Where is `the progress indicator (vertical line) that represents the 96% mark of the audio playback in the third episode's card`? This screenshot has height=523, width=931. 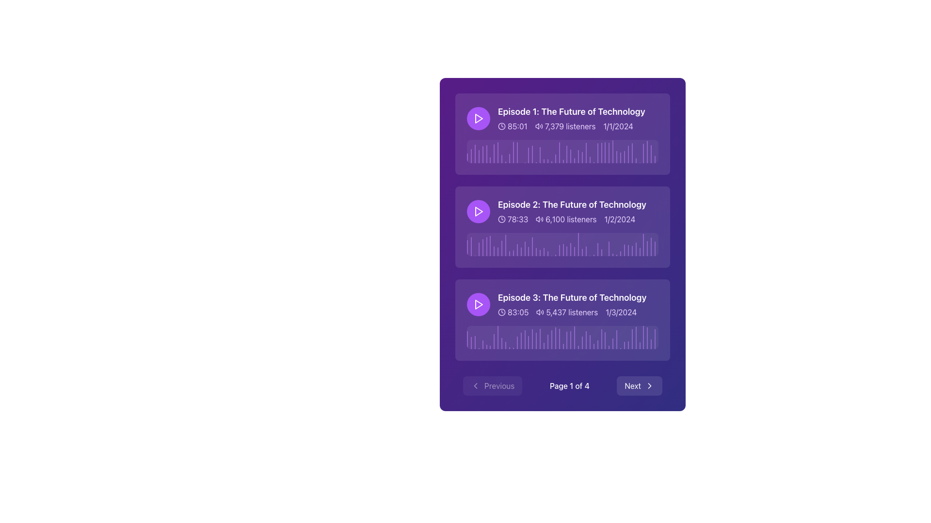
the progress indicator (vertical line) that represents the 96% mark of the audio playback in the third episode's card is located at coordinates (651, 344).